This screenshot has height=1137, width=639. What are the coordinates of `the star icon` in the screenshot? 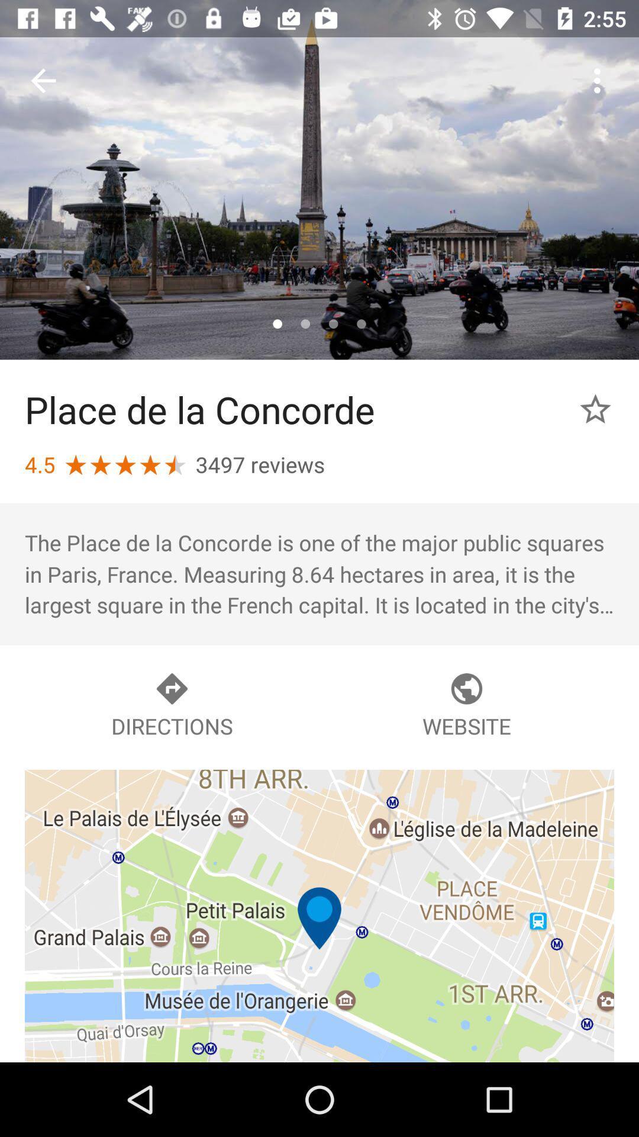 It's located at (595, 409).